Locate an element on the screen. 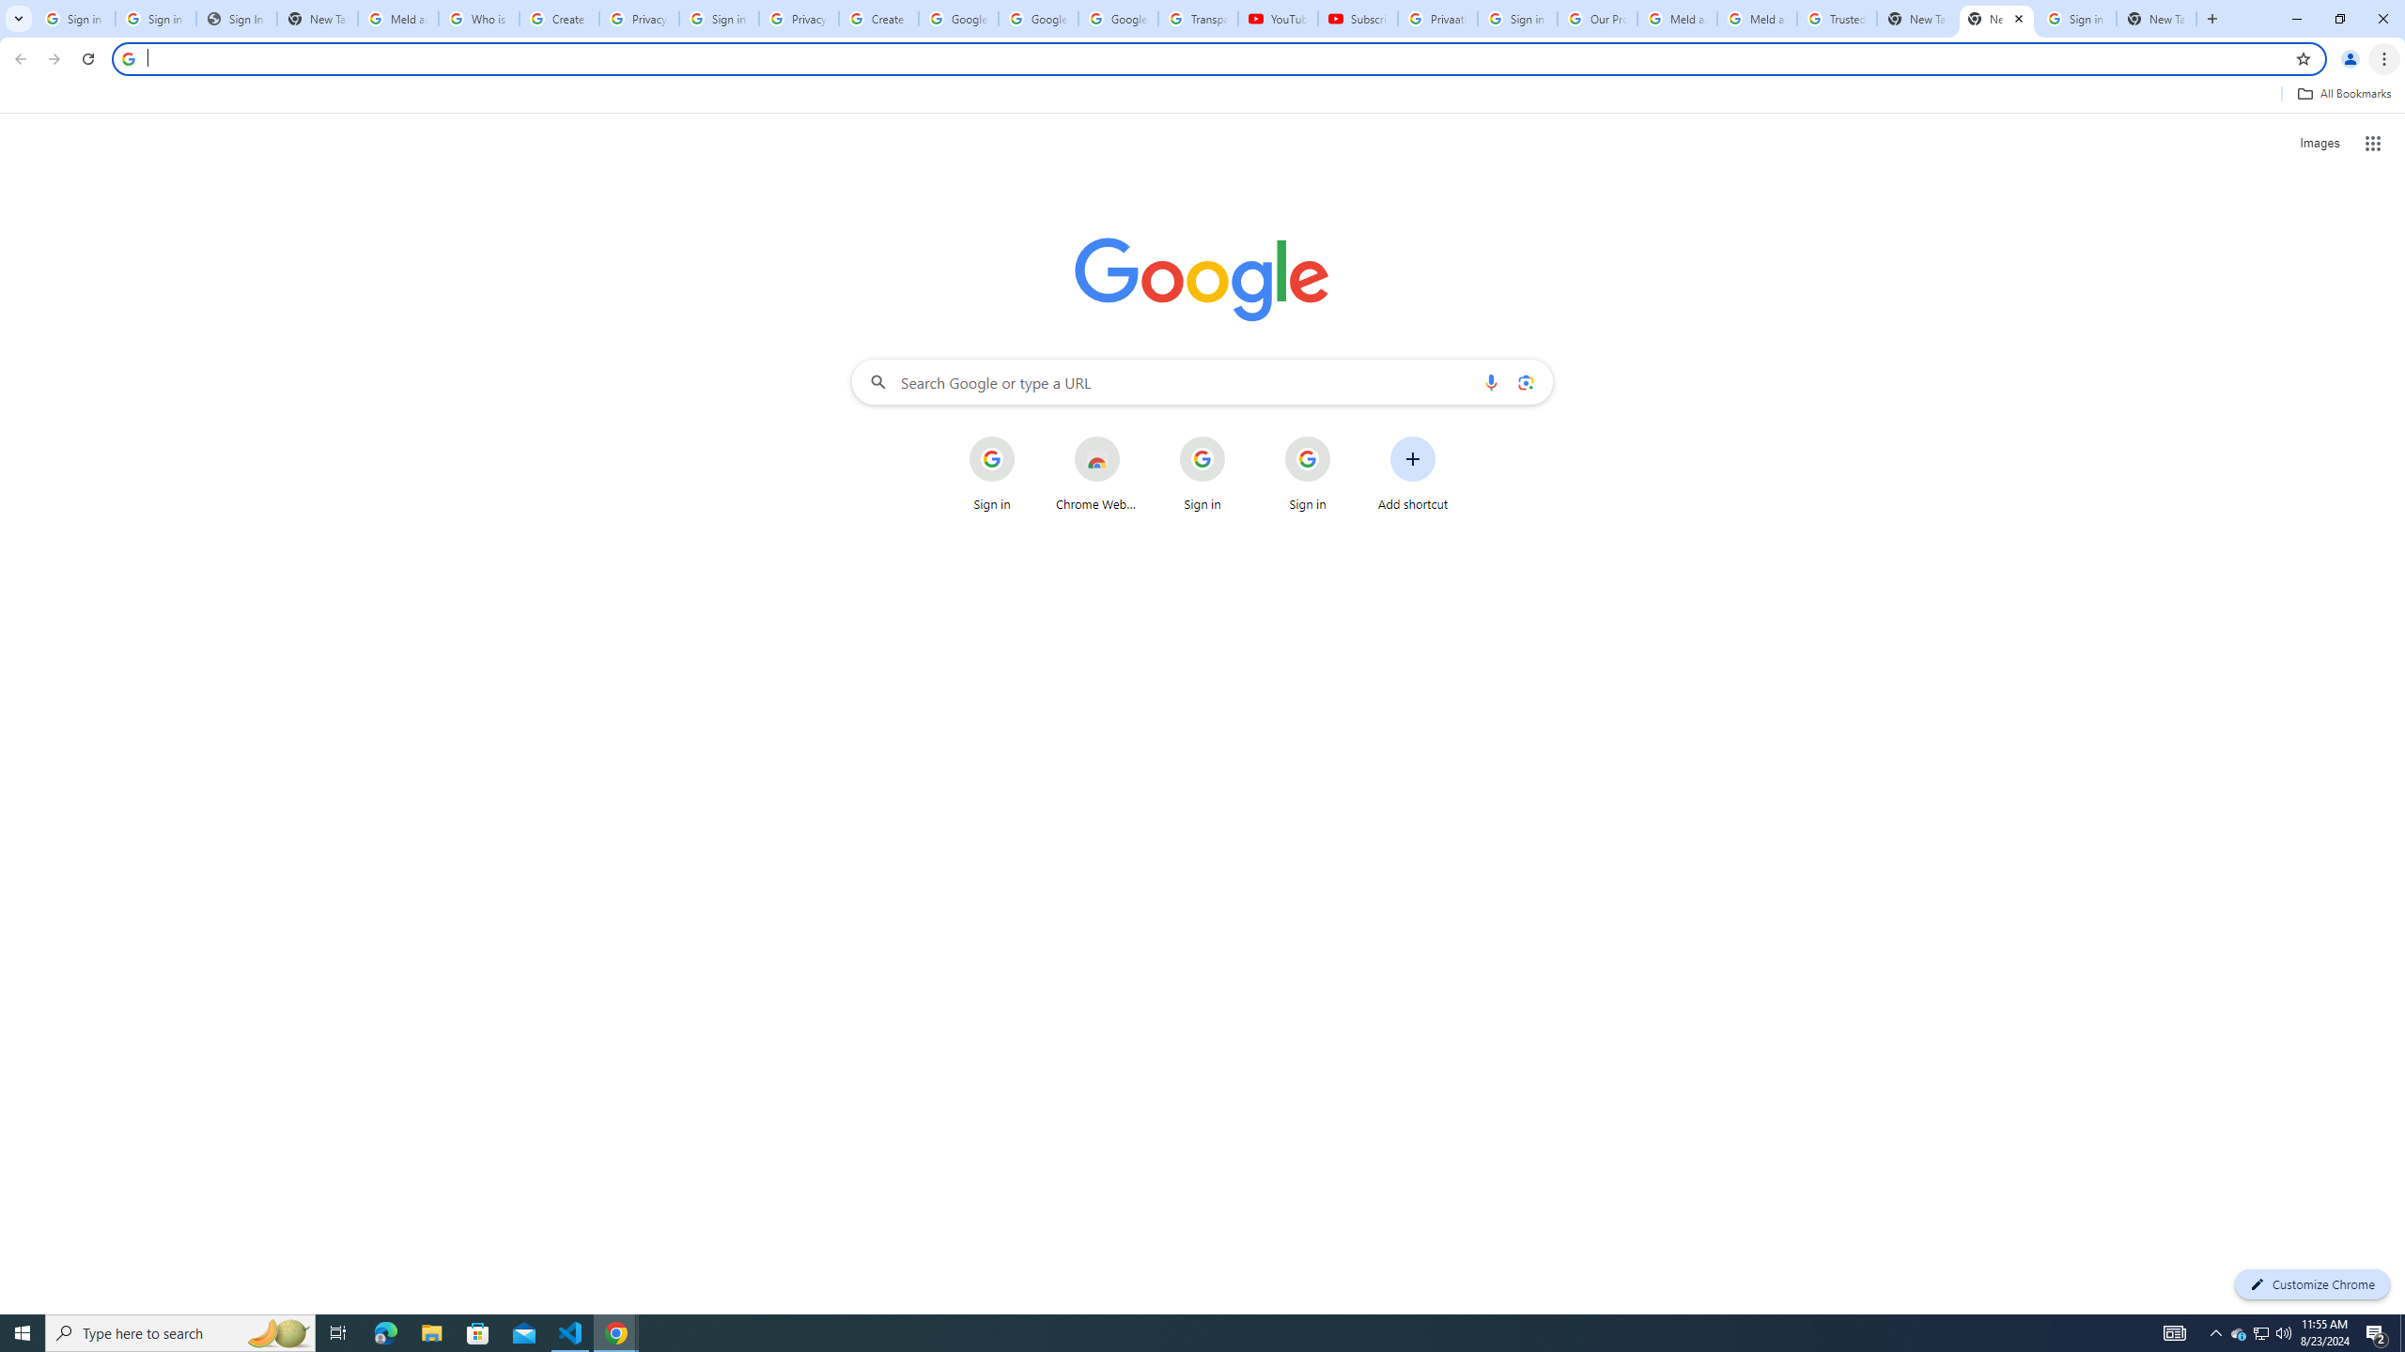  'Reload' is located at coordinates (87, 58).